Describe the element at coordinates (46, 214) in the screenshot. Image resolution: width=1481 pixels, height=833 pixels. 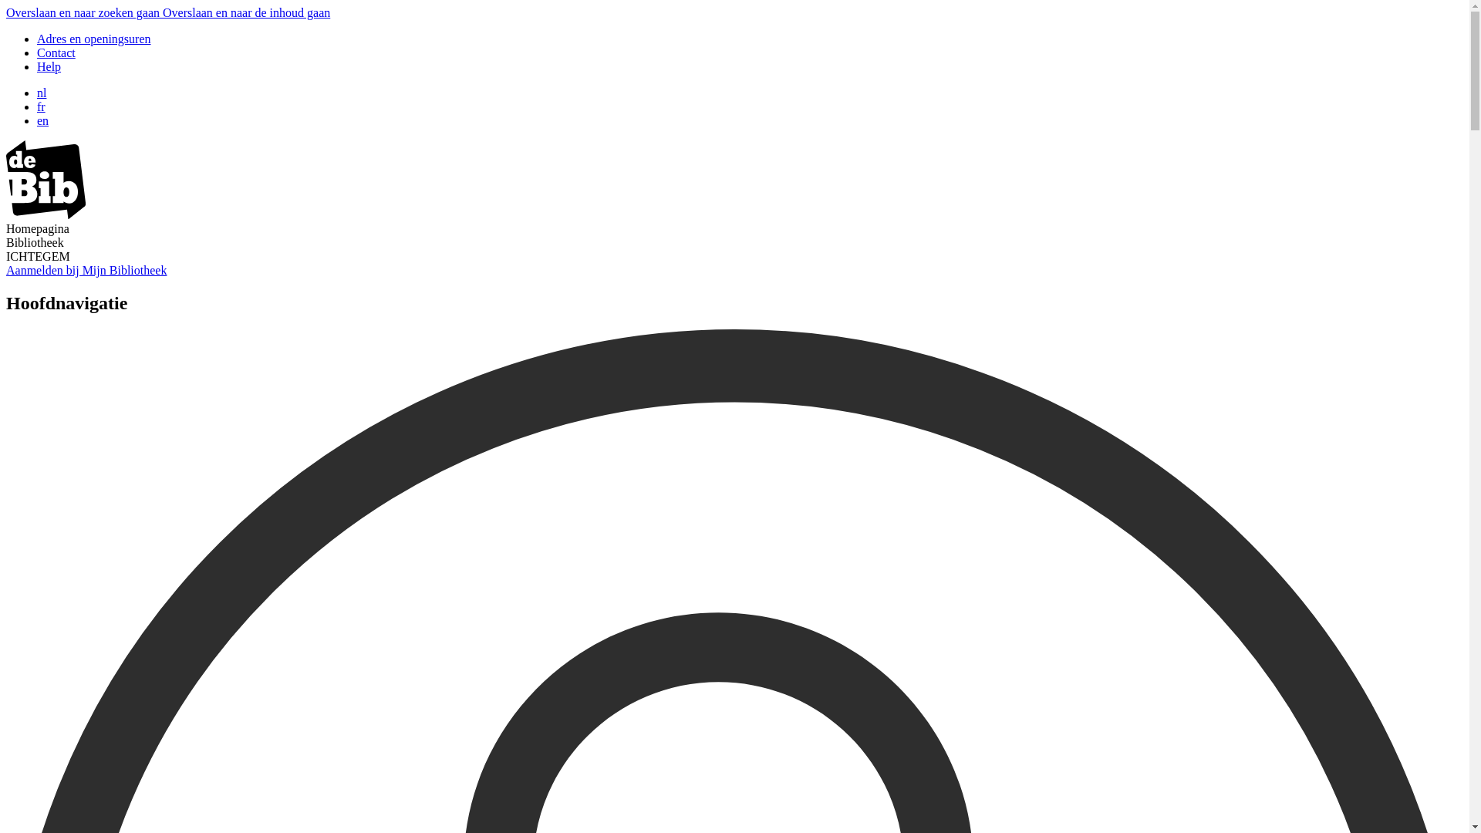
I see `'image/svg+xml'` at that location.